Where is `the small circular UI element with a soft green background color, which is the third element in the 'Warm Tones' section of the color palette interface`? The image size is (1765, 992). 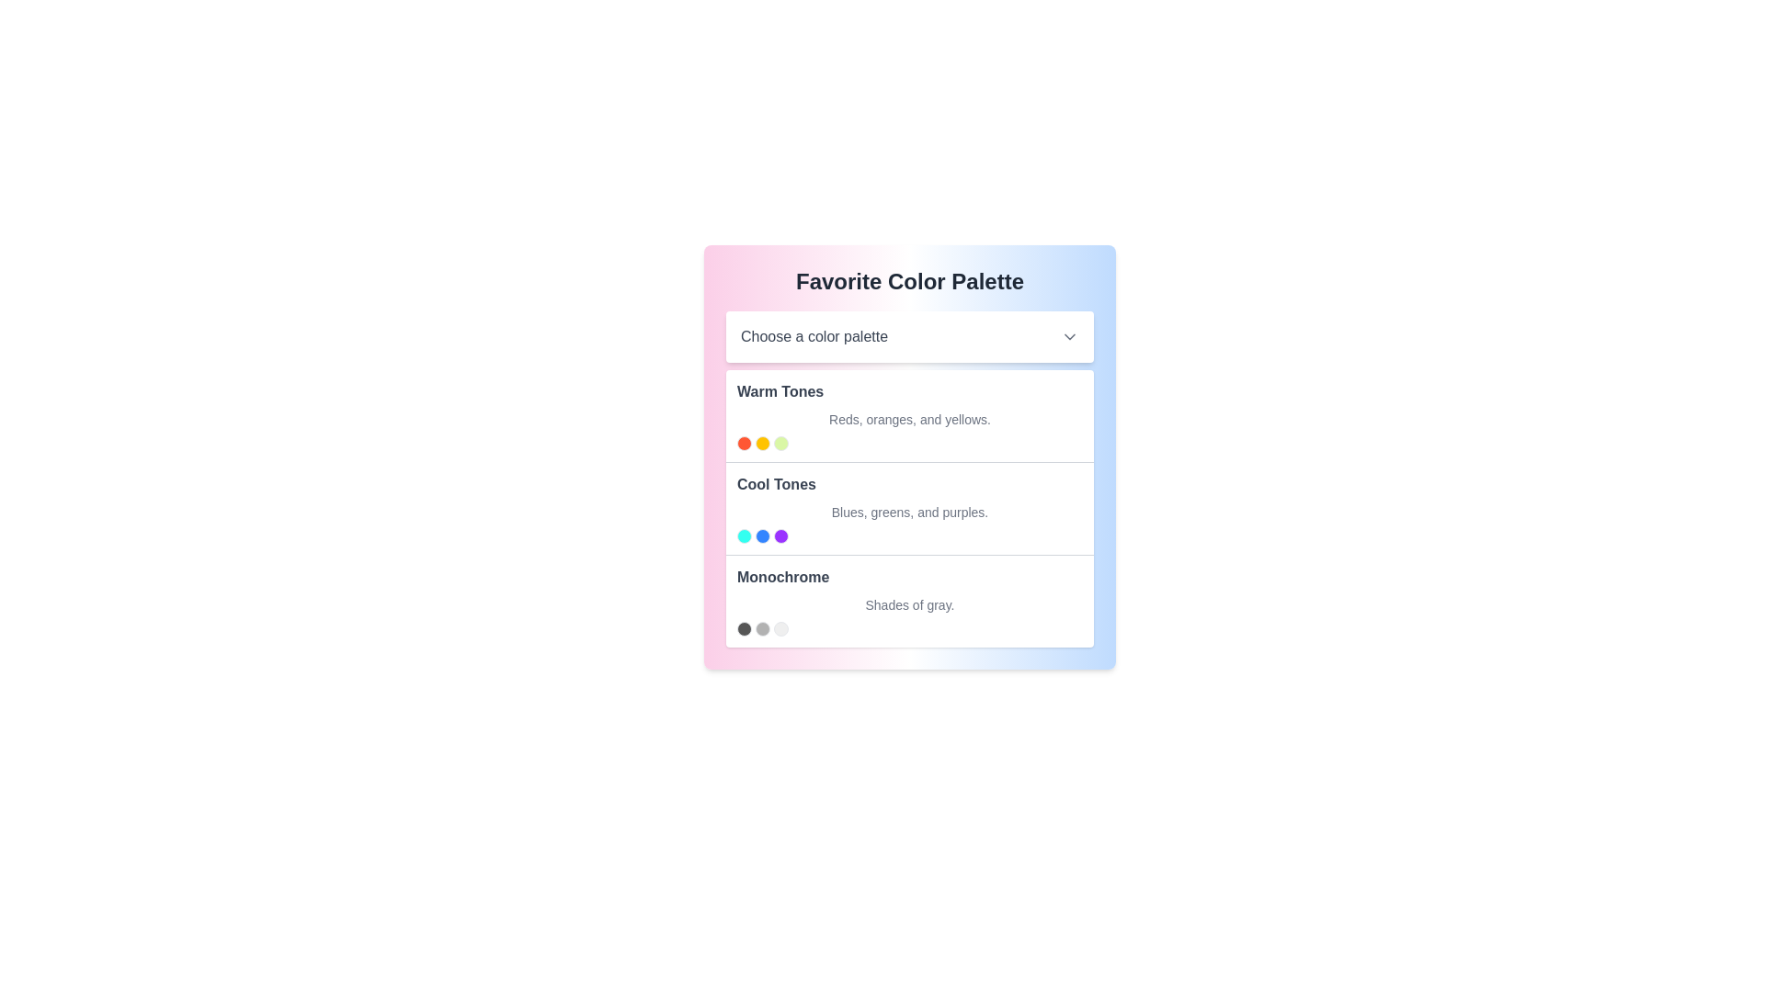
the small circular UI element with a soft green background color, which is the third element in the 'Warm Tones' section of the color palette interface is located at coordinates (780, 443).